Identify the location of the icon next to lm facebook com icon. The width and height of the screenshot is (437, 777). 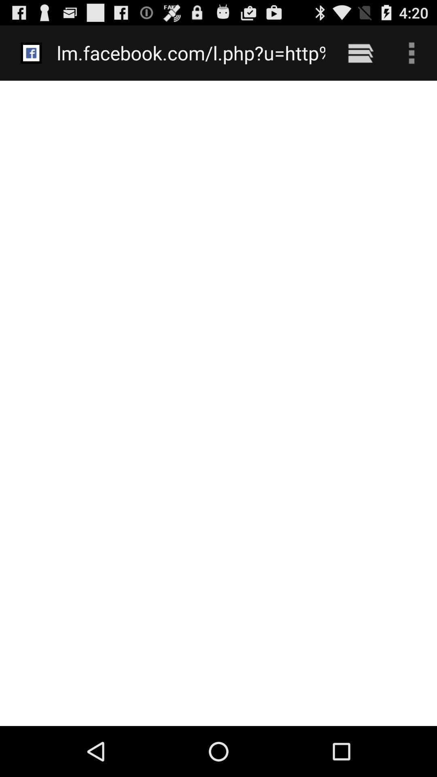
(360, 53).